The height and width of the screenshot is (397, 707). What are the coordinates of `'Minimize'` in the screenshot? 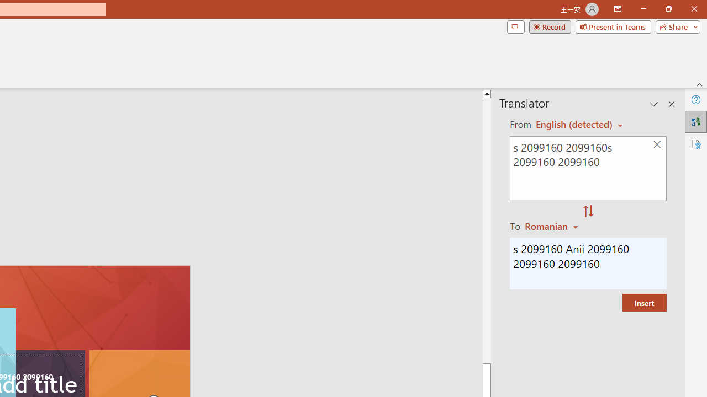 It's located at (643, 9).